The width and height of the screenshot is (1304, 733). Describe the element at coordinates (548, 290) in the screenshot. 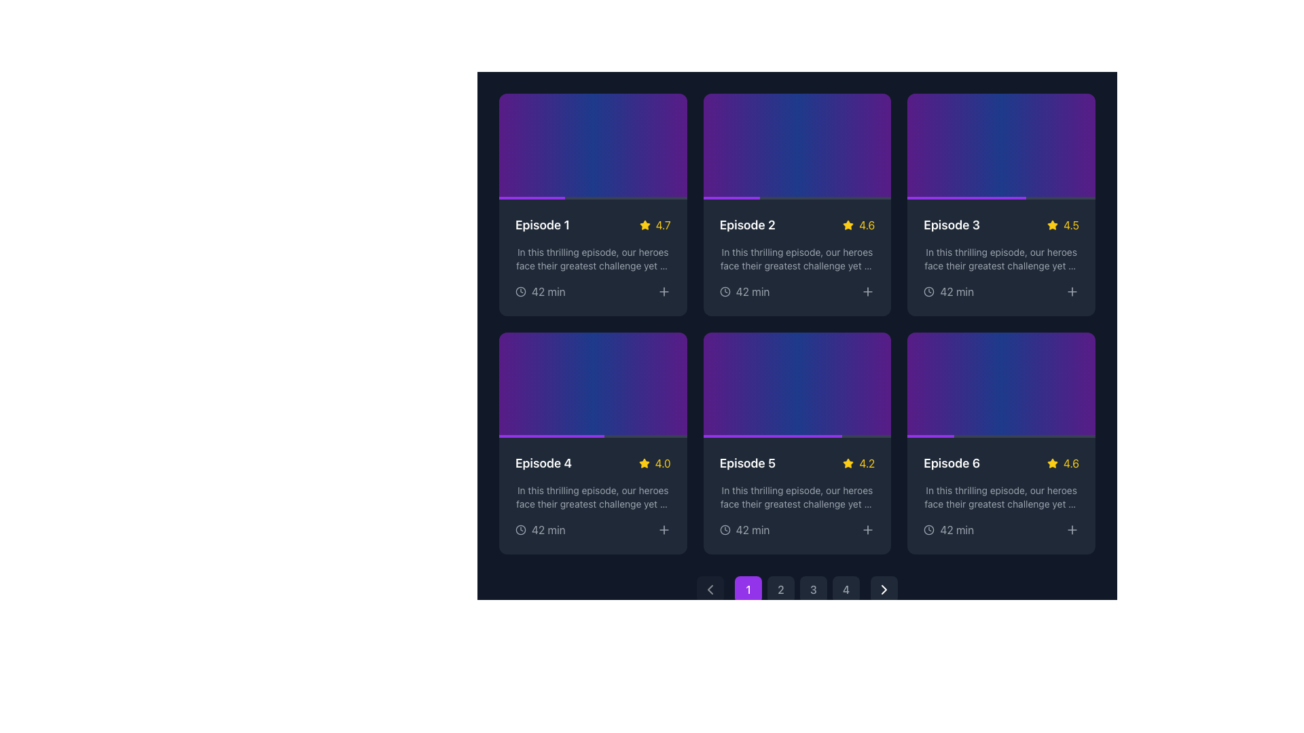

I see `the text display showing '42 min' in light gray color, located below the description of the first episode card` at that location.